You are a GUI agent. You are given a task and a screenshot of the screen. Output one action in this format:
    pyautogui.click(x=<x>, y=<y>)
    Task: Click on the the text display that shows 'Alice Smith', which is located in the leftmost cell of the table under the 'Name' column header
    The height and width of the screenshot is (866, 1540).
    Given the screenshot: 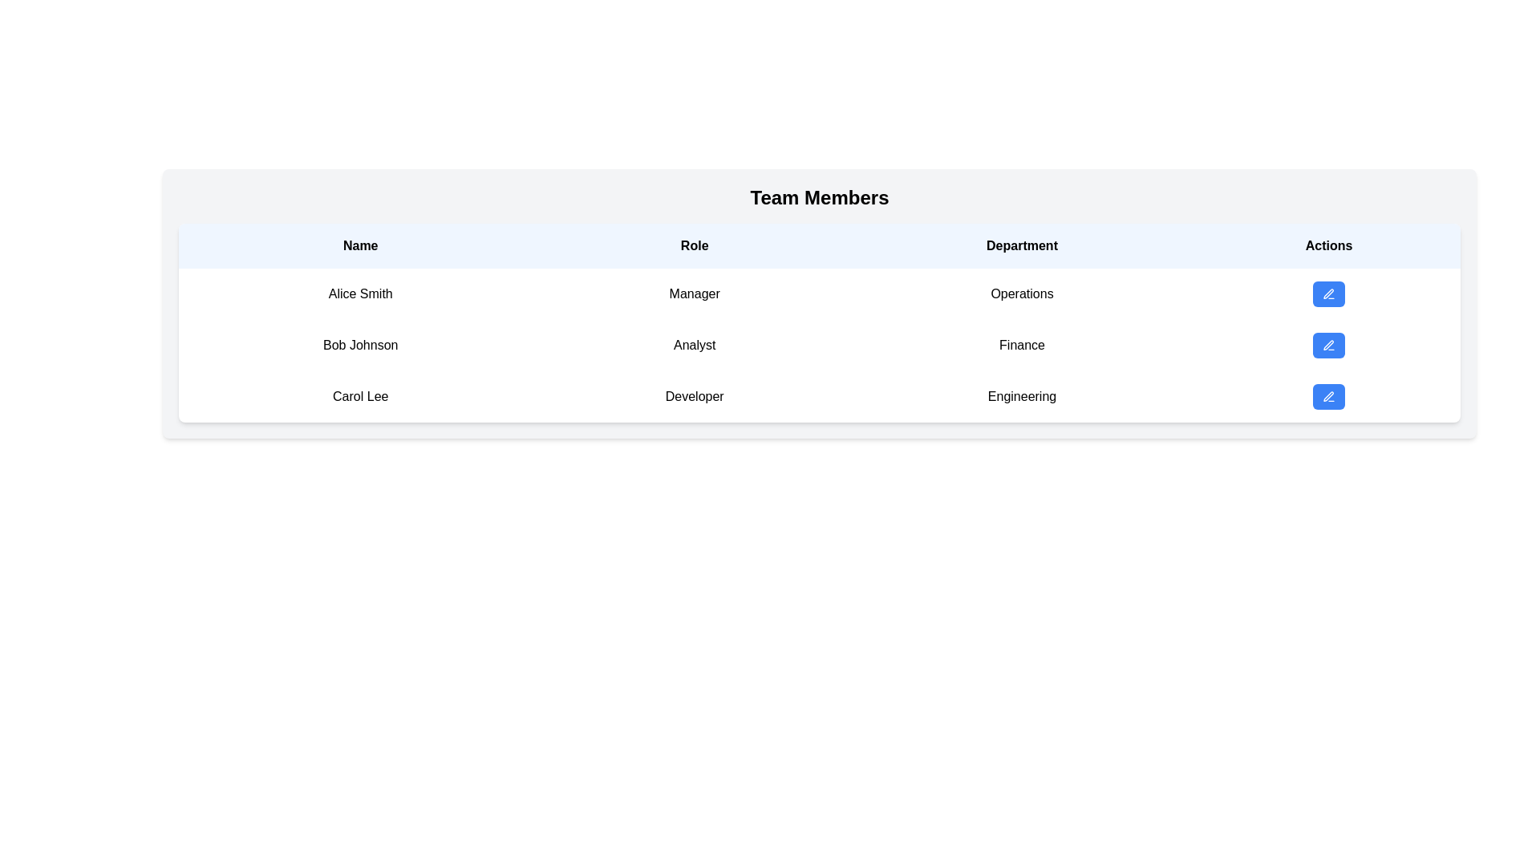 What is the action you would take?
    pyautogui.click(x=359, y=293)
    